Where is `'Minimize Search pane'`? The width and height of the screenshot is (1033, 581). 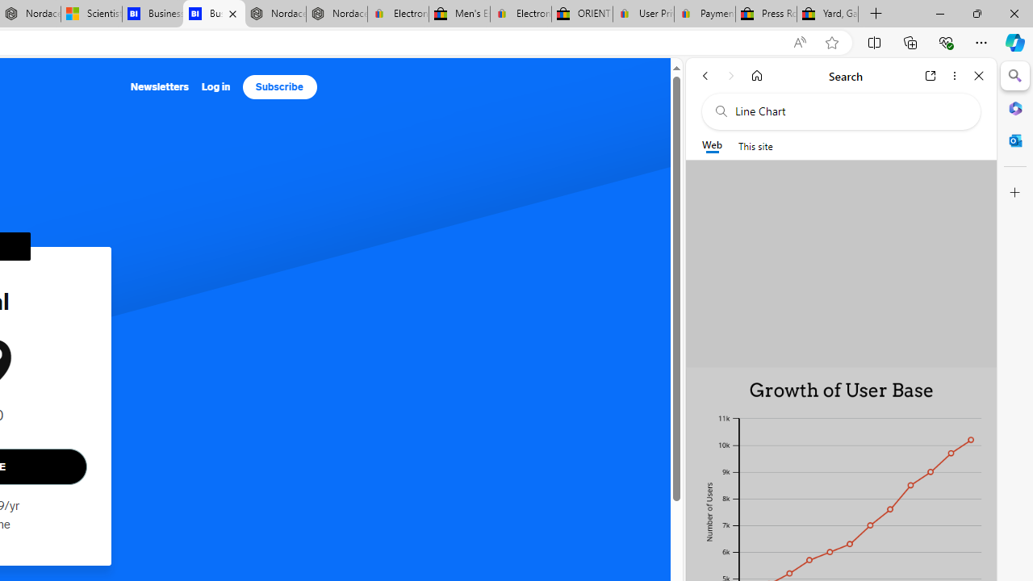
'Minimize Search pane' is located at coordinates (1014, 76).